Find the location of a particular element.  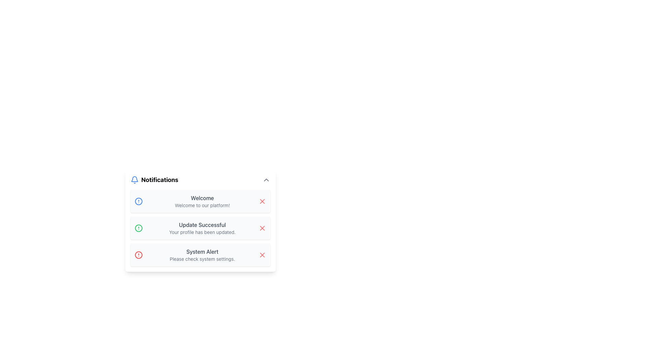

the 'Welcome' text label, which is prominently displayed in gray color with a bold style, located at the top of the notification list is located at coordinates (202, 197).